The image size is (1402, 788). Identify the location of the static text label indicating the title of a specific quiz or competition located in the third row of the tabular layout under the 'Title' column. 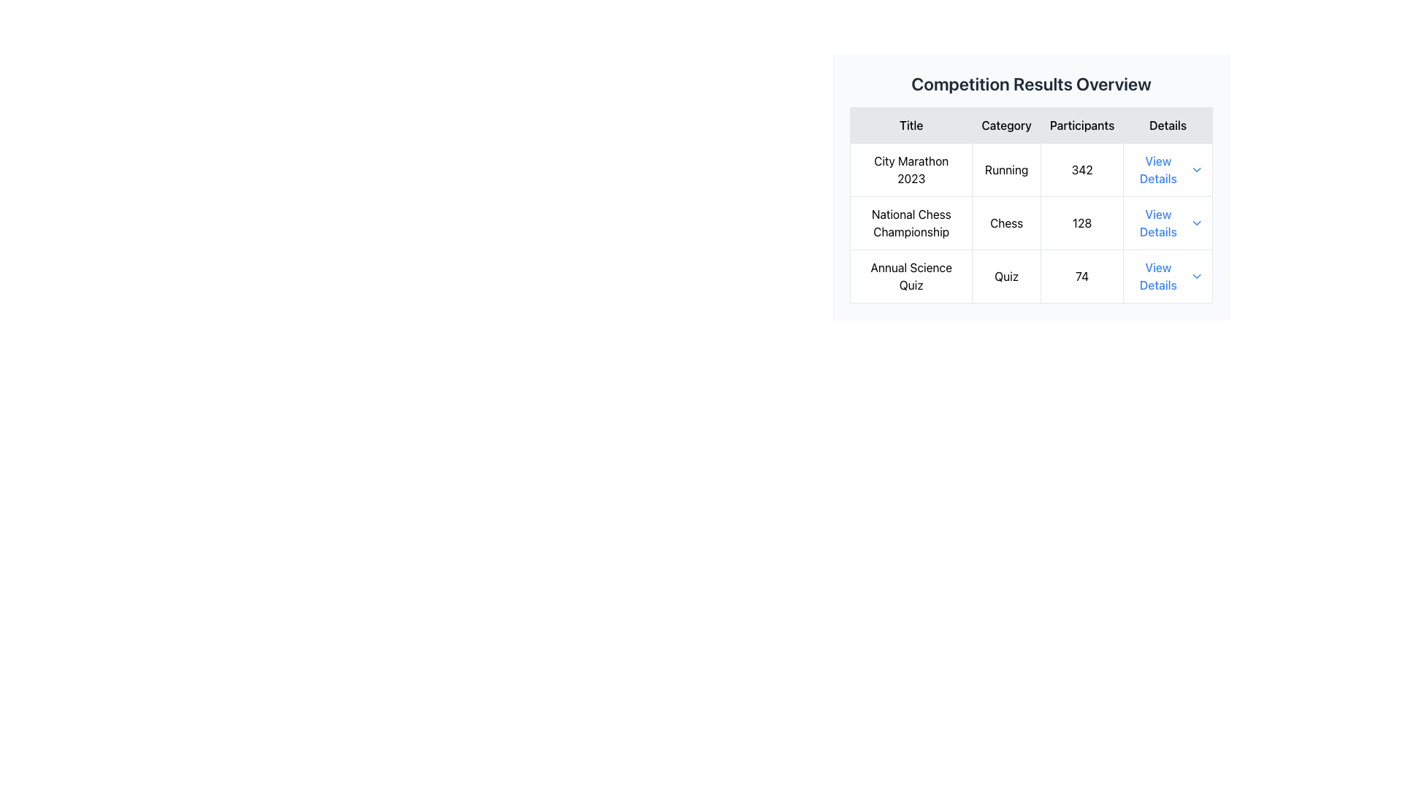
(911, 276).